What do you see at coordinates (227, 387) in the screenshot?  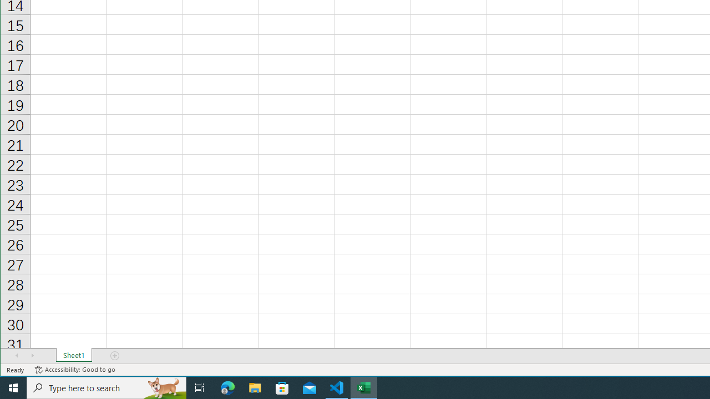 I see `'Microsoft Edge'` at bounding box center [227, 387].